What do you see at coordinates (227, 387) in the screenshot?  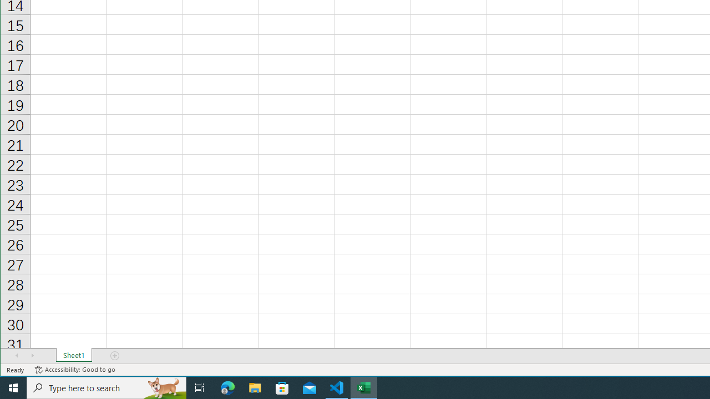 I see `'Microsoft Edge'` at bounding box center [227, 387].